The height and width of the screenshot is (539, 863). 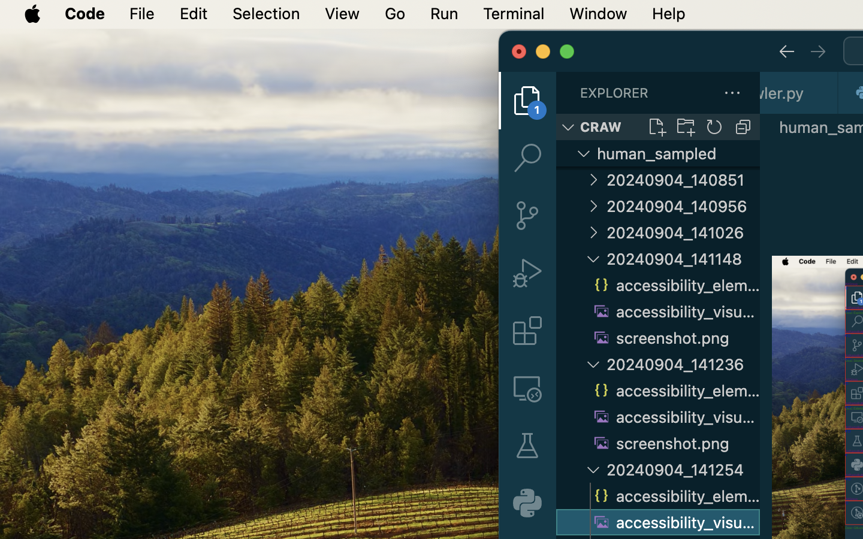 What do you see at coordinates (614, 92) in the screenshot?
I see `'EXPLORER'` at bounding box center [614, 92].